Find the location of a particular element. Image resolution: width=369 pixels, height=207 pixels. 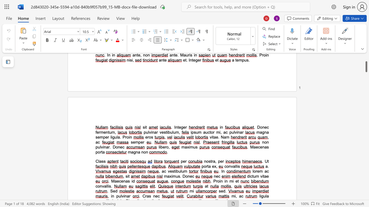

the space between the continuous character "n" and "a" in the text is located at coordinates (125, 181).